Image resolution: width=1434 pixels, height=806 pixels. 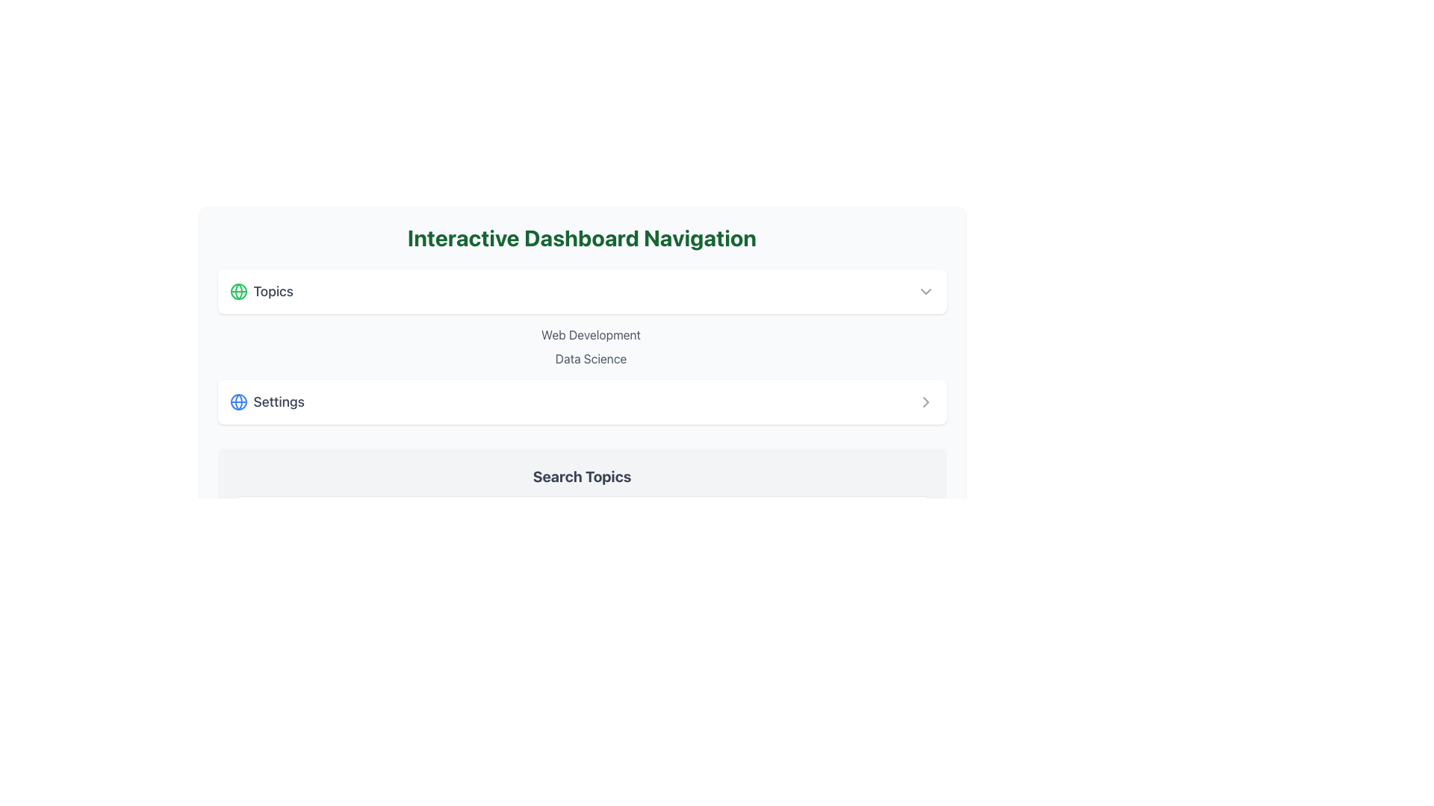 What do you see at coordinates (590, 359) in the screenshot?
I see `the 'Data Science' text label located under the 'Web Development' item in the 'Interactive Dashboard Navigation' menu` at bounding box center [590, 359].